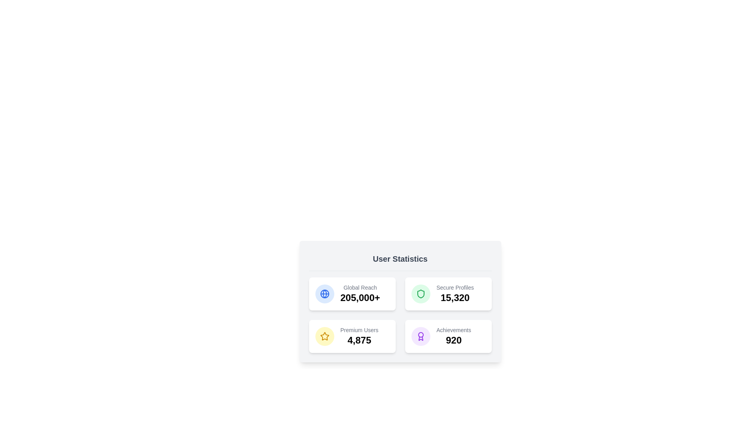 The width and height of the screenshot is (756, 425). Describe the element at coordinates (420, 336) in the screenshot. I see `the circular icon with a purple outline that resembles an award badge, located in the grid layout of statistics under the 'Achievements' label` at that location.